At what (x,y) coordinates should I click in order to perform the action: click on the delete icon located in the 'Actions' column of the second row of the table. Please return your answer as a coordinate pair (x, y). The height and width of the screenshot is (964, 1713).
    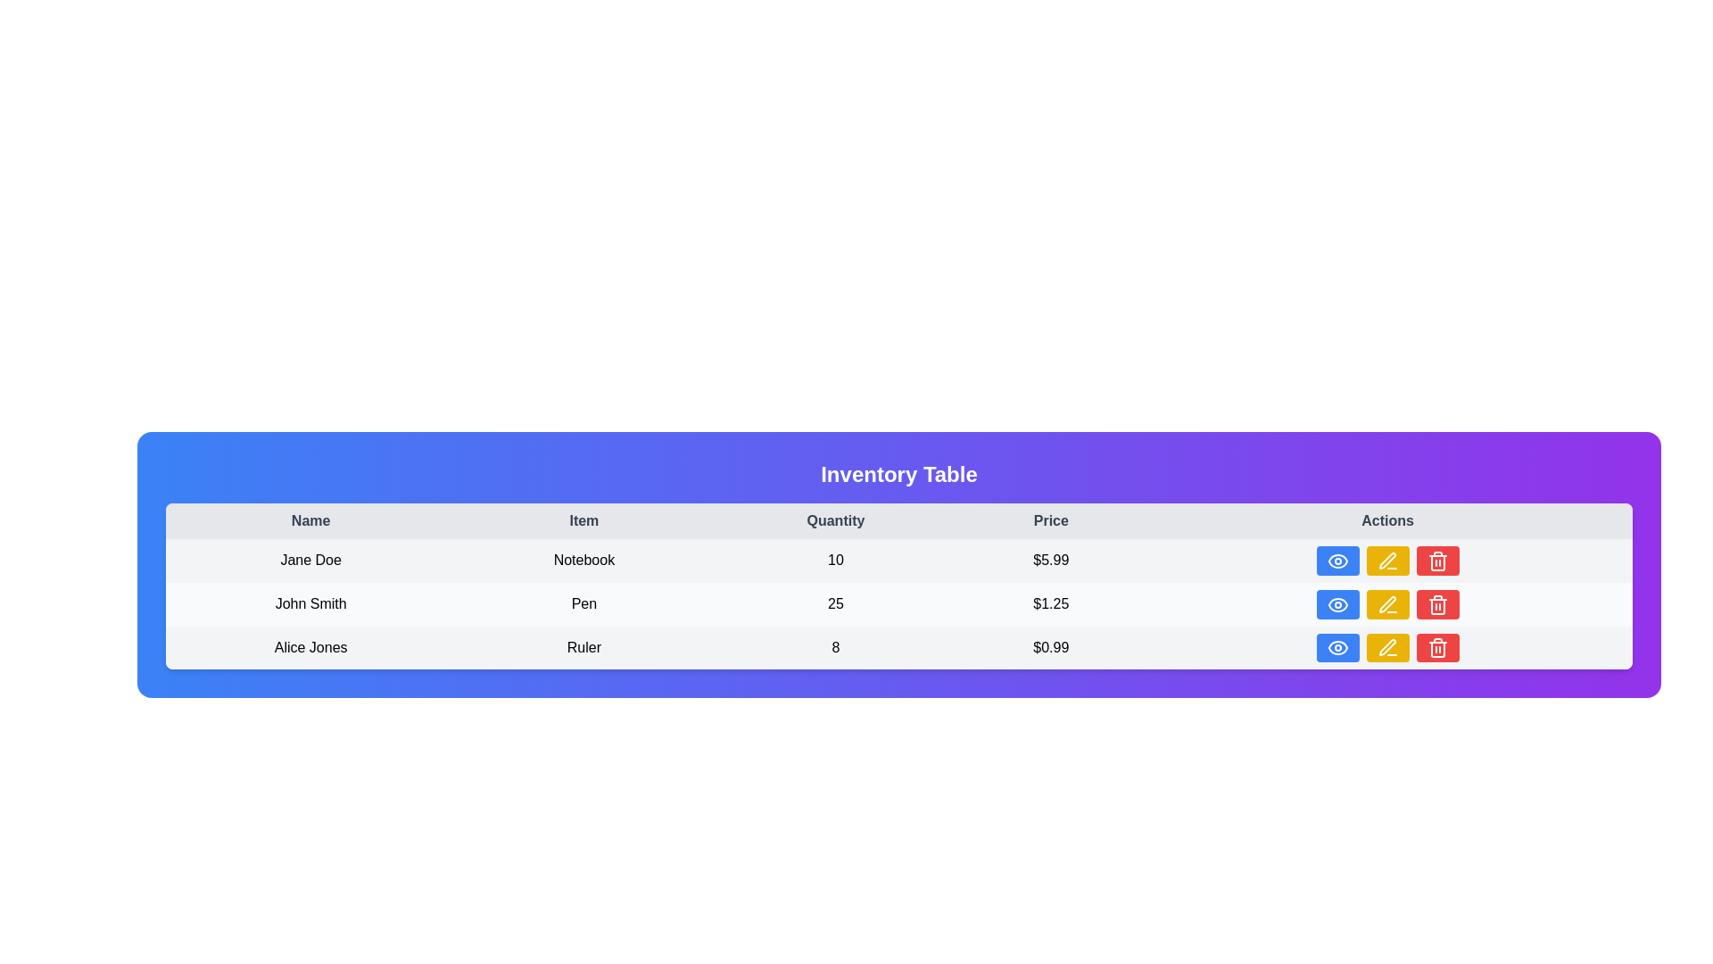
    Looking at the image, I should click on (1437, 605).